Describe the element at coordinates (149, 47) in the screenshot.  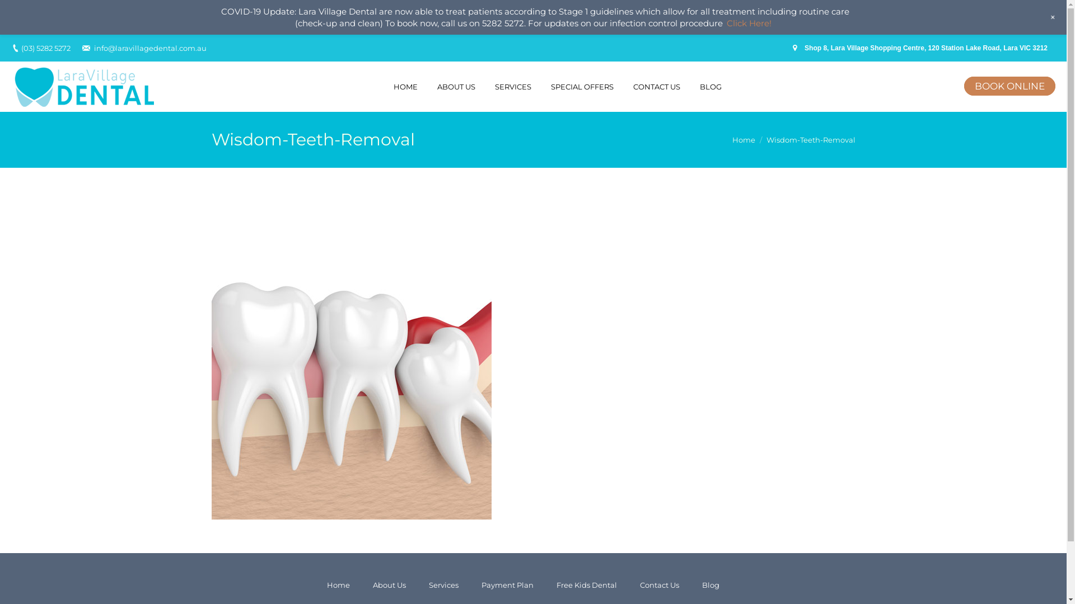
I see `'info@laravillagedental.com.au'` at that location.